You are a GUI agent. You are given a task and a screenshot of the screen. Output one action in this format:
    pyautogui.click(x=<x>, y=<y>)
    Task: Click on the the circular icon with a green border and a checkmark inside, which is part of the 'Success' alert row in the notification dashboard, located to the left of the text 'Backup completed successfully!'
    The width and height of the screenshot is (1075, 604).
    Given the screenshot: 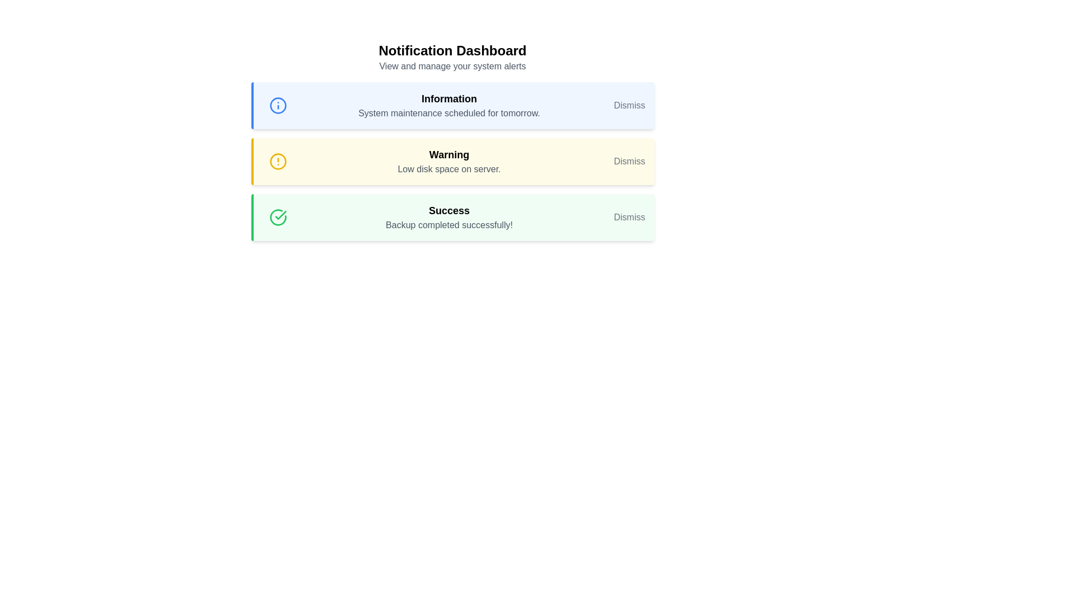 What is the action you would take?
    pyautogui.click(x=278, y=218)
    